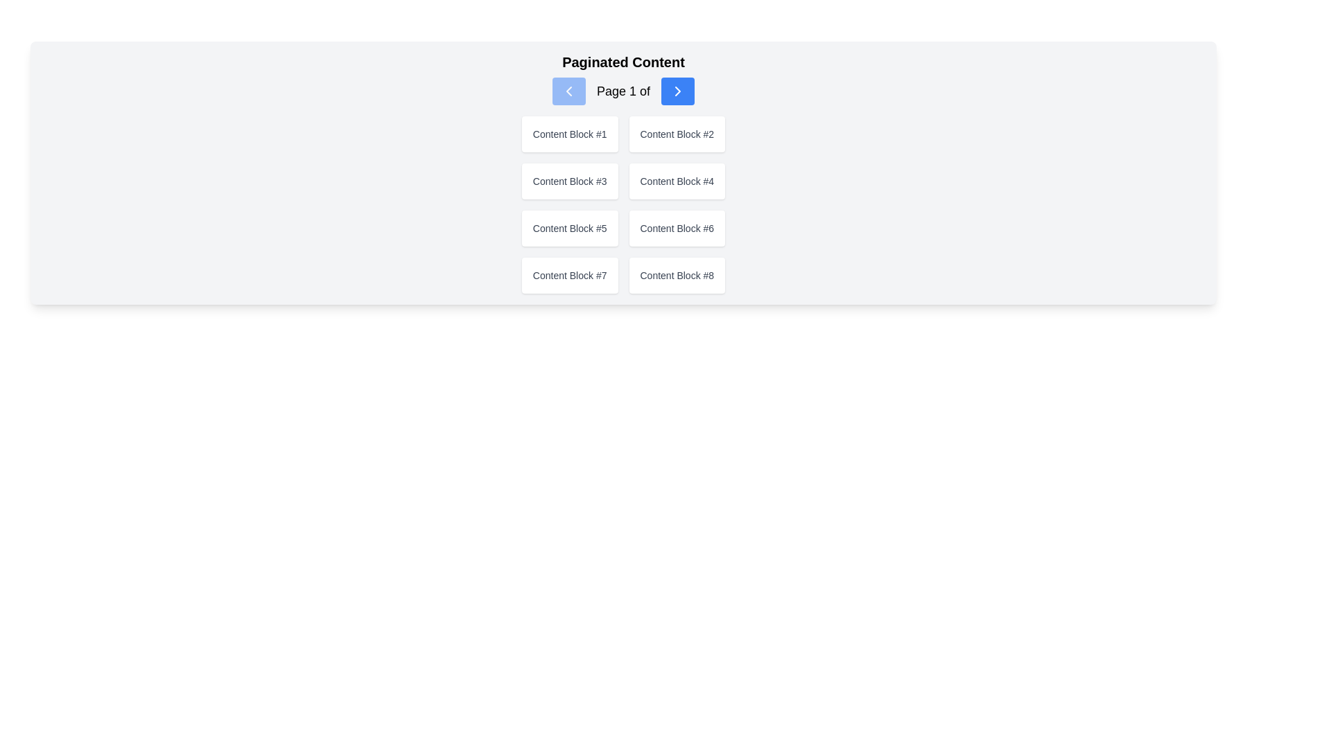 The width and height of the screenshot is (1331, 748). What do you see at coordinates (678, 91) in the screenshot?
I see `the 'next page' icon located on the right side of the pagination control in the UI` at bounding box center [678, 91].